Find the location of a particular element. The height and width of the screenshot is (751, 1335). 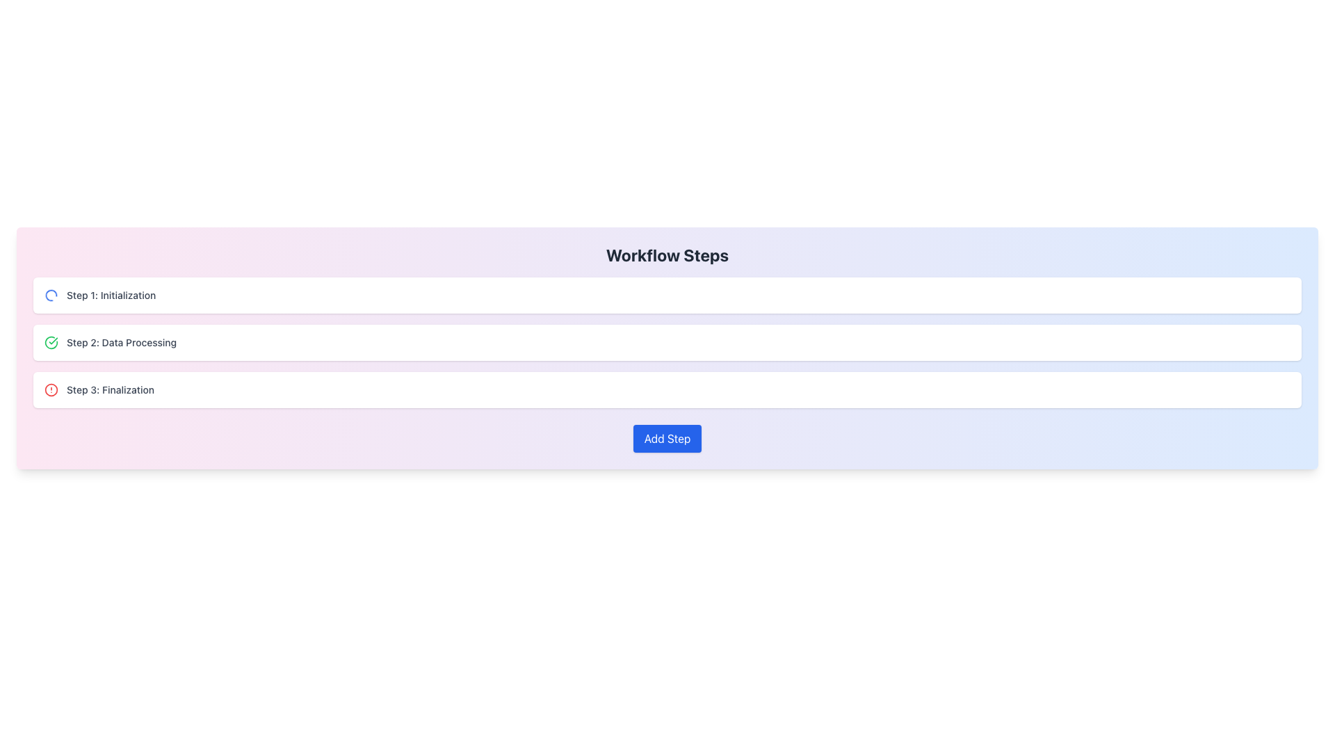

the third step in the workflow process, indicated by an alert symbol is located at coordinates (667, 389).